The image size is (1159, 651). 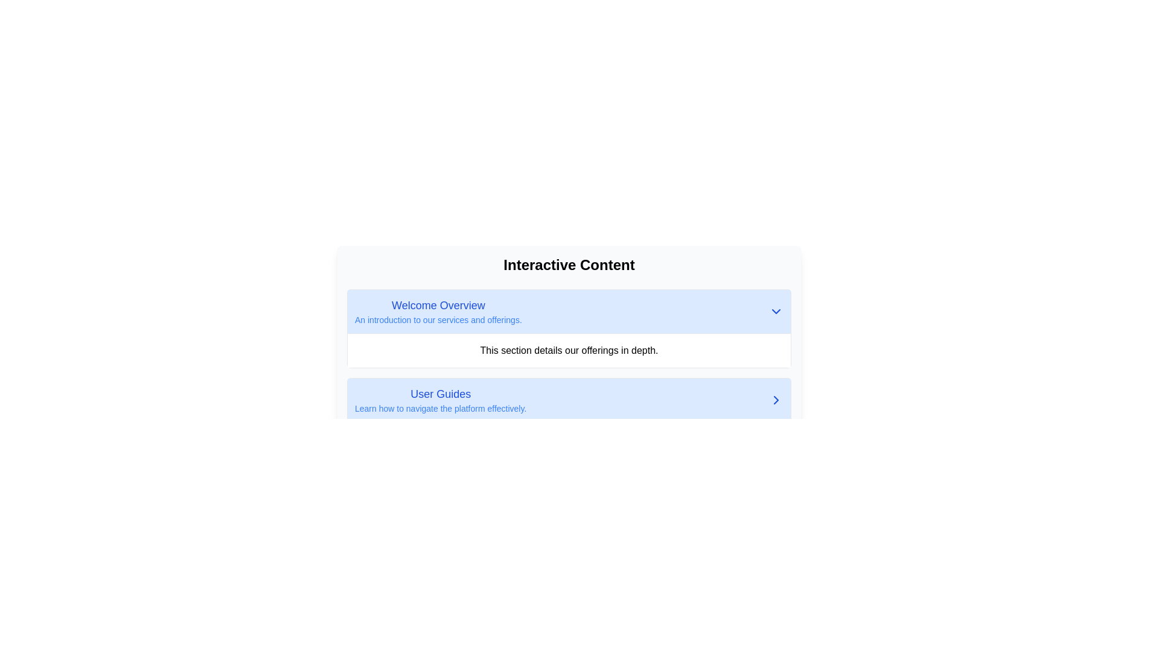 What do you see at coordinates (438, 310) in the screenshot?
I see `text of the Text label with a description that says 'Welcome Overview' and 'An introduction to our services and offerings.'` at bounding box center [438, 310].